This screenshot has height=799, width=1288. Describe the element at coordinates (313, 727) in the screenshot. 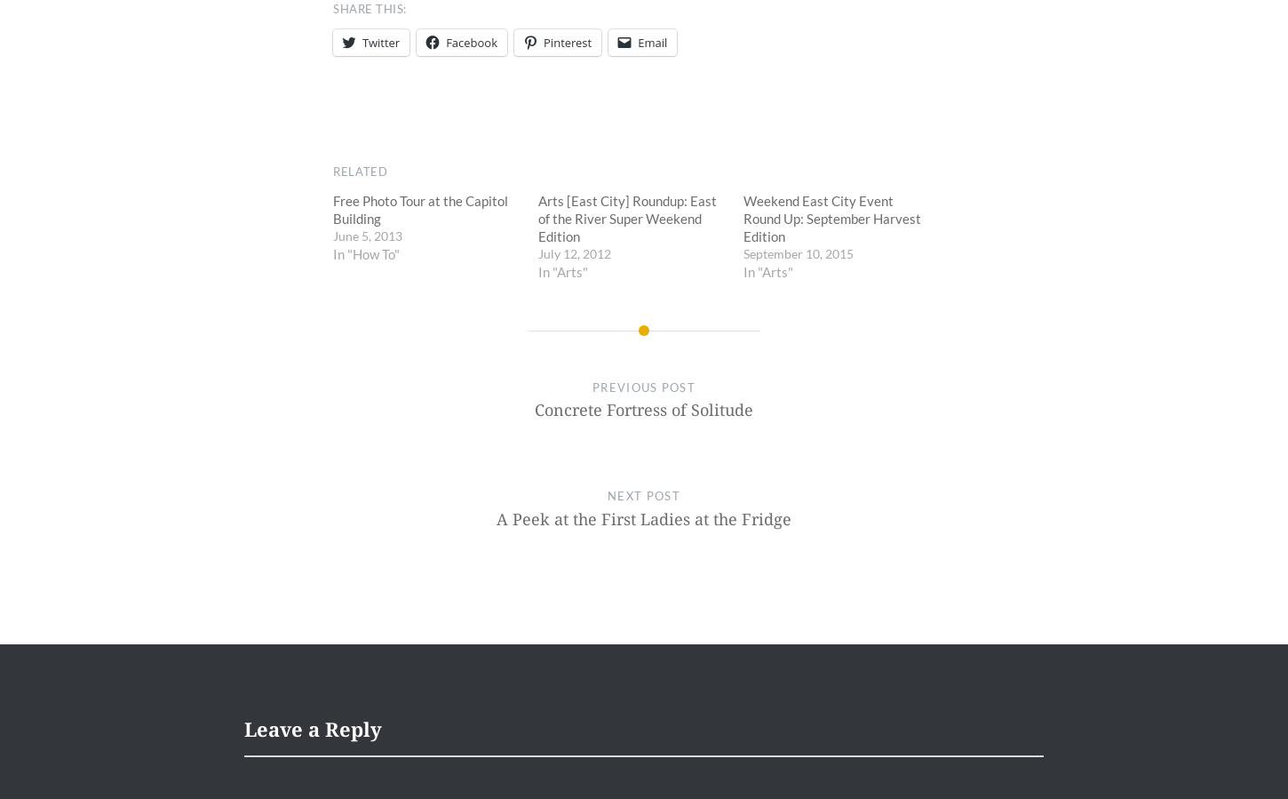

I see `'Leave a Reply'` at that location.